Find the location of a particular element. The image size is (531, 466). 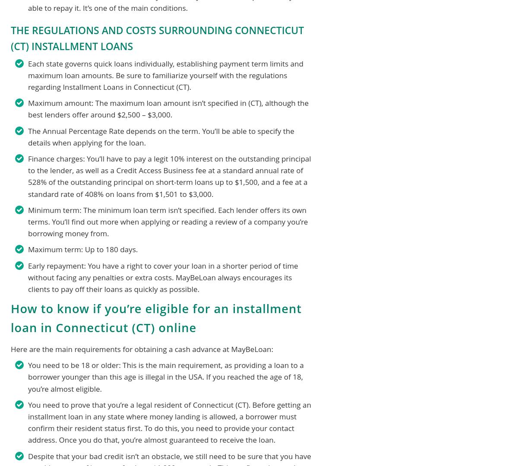

'Maximum term: Up to 180 days.' is located at coordinates (83, 249).